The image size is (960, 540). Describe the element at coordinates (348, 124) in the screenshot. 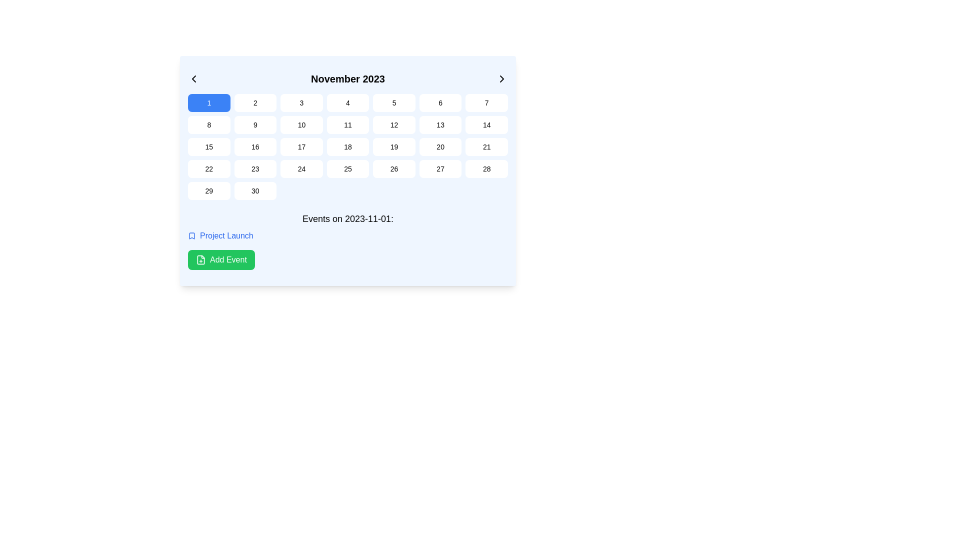

I see `the button labeled '11' located` at that location.